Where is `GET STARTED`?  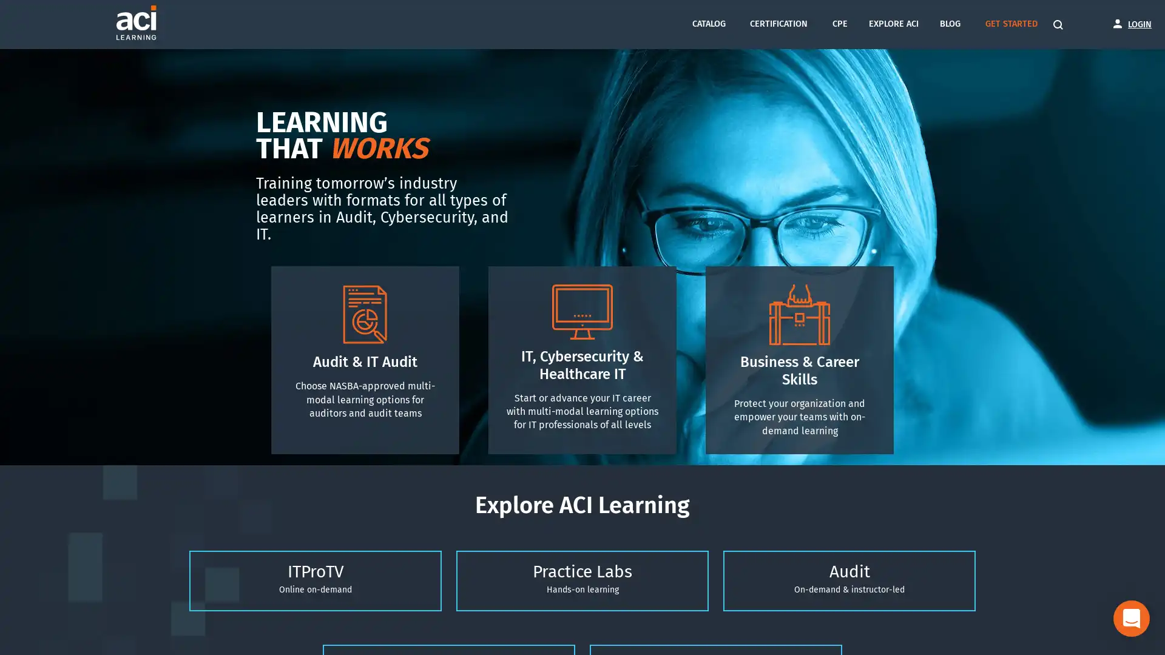
GET STARTED is located at coordinates (1010, 24).